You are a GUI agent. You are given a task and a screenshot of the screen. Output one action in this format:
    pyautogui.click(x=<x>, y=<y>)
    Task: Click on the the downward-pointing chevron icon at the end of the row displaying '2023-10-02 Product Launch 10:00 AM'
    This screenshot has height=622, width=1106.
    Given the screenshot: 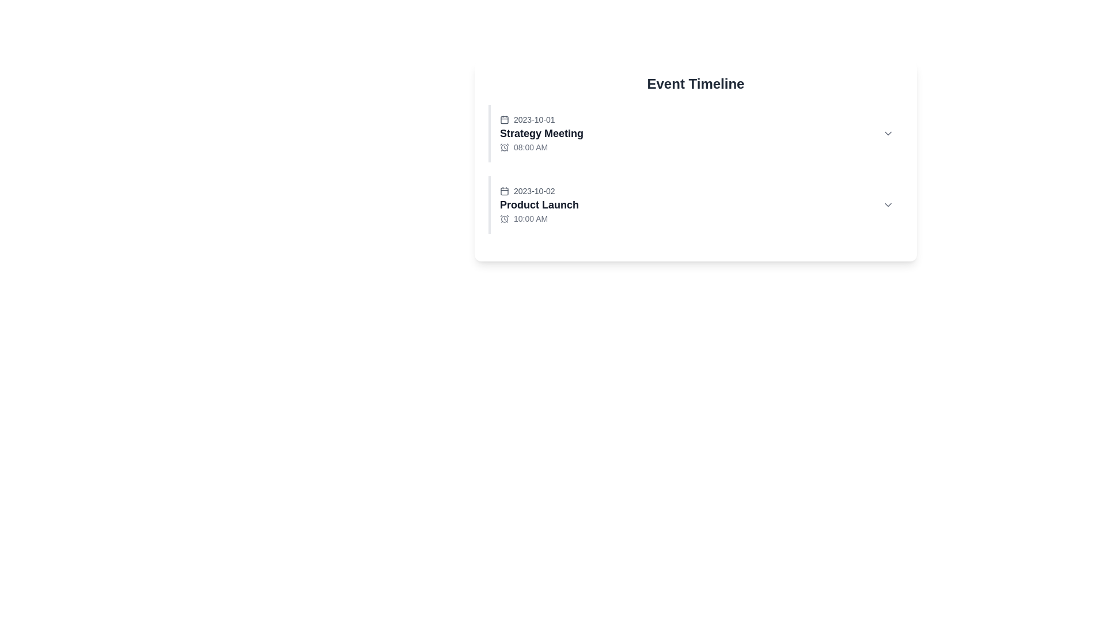 What is the action you would take?
    pyautogui.click(x=887, y=204)
    